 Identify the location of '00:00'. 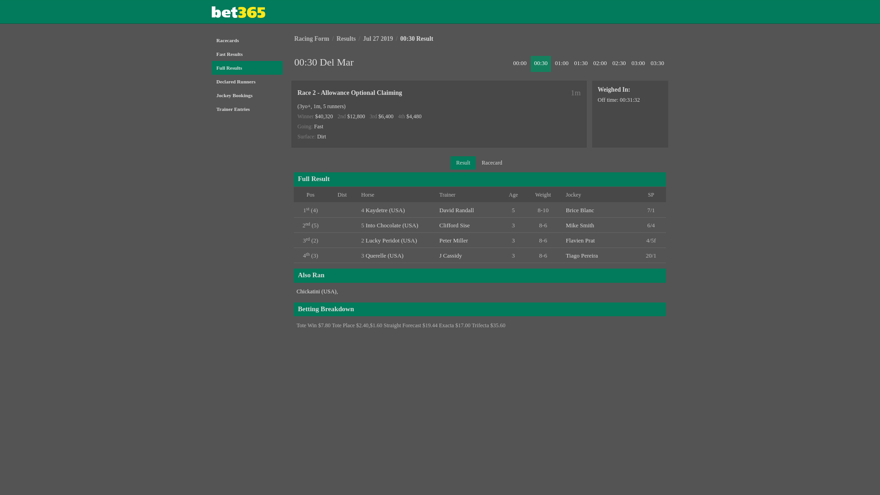
(519, 64).